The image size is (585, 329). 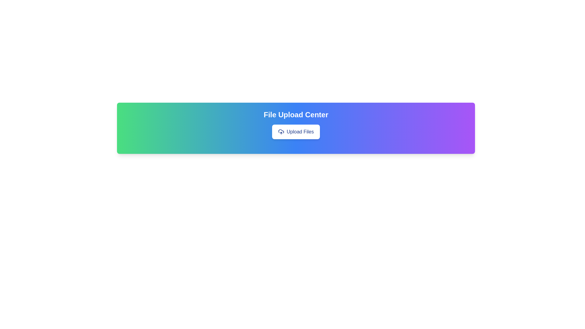 I want to click on the 'Upload Files' button, which is a rectangular button with a white background, dark blue text, and a blue cloud upload icon, located in the center of the page below the 'File Upload Center' text, so click(x=296, y=131).